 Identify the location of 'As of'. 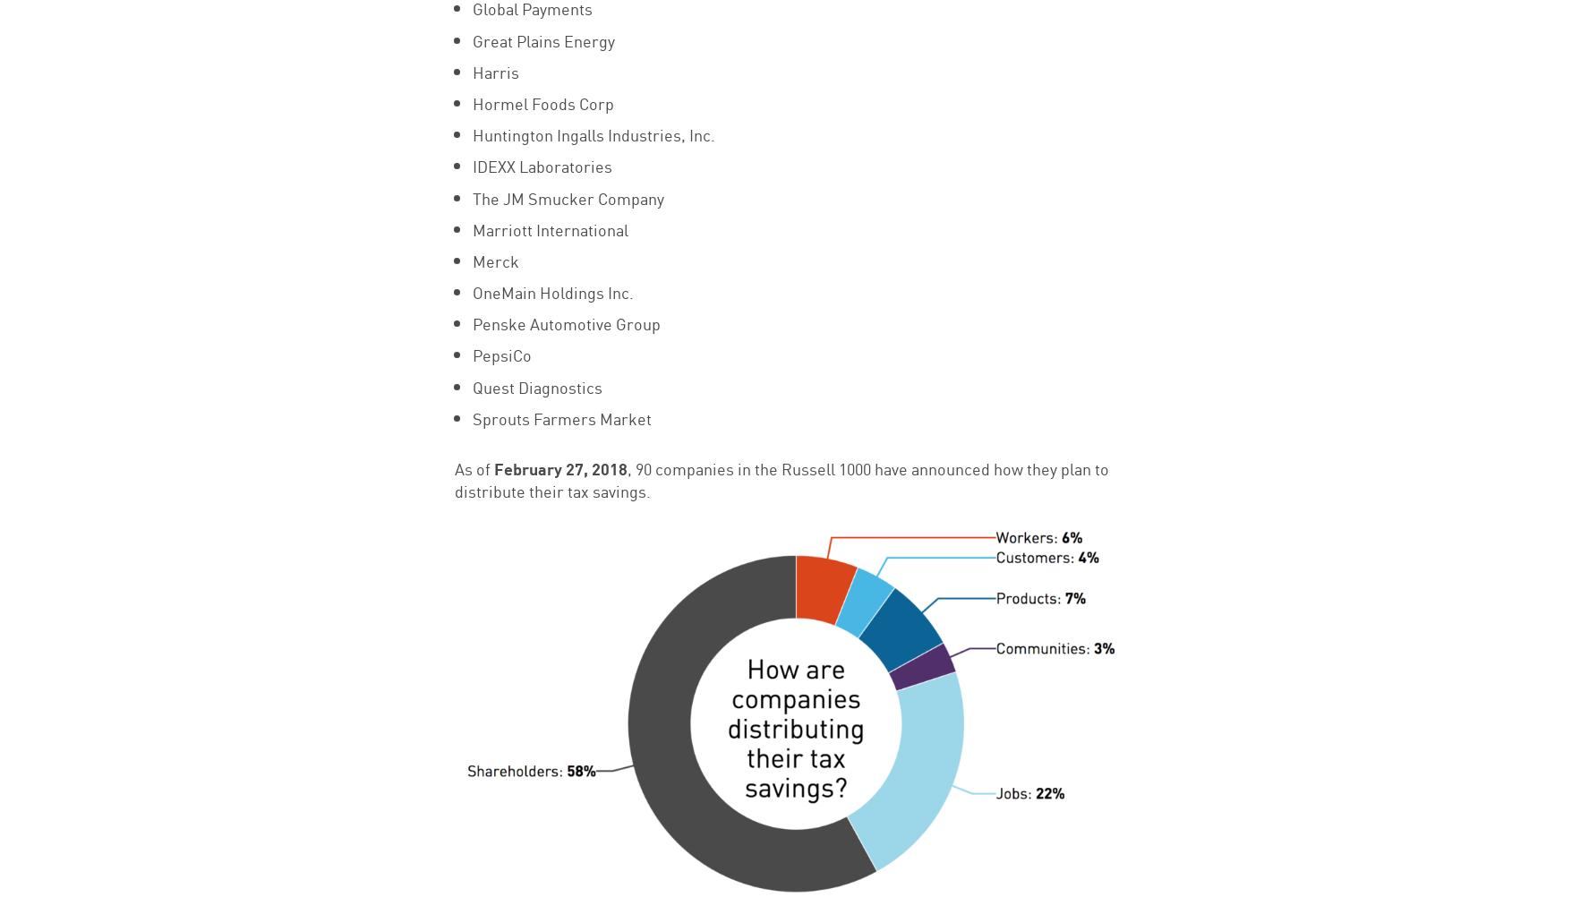
(453, 468).